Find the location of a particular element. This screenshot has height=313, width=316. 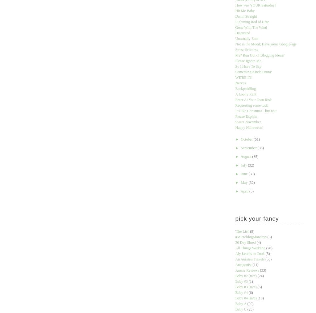

'WE'RE IN!' is located at coordinates (235, 77).